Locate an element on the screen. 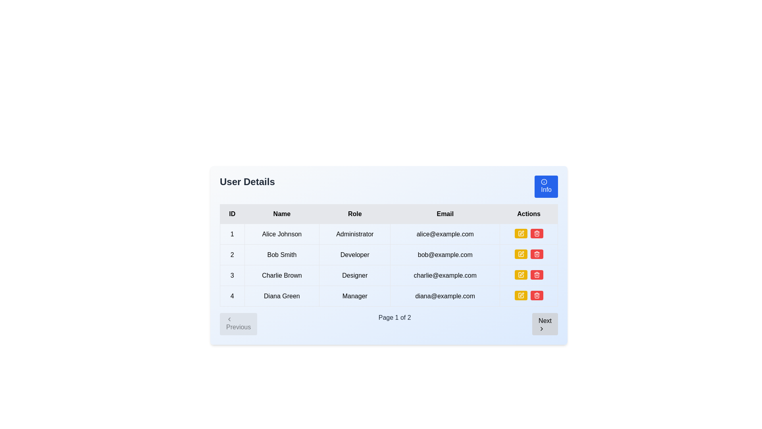 The width and height of the screenshot is (762, 429). the 'Next' button that features a right-pointing chevron icon and is styled with a light gray background, using keyboard navigation is located at coordinates (545, 324).